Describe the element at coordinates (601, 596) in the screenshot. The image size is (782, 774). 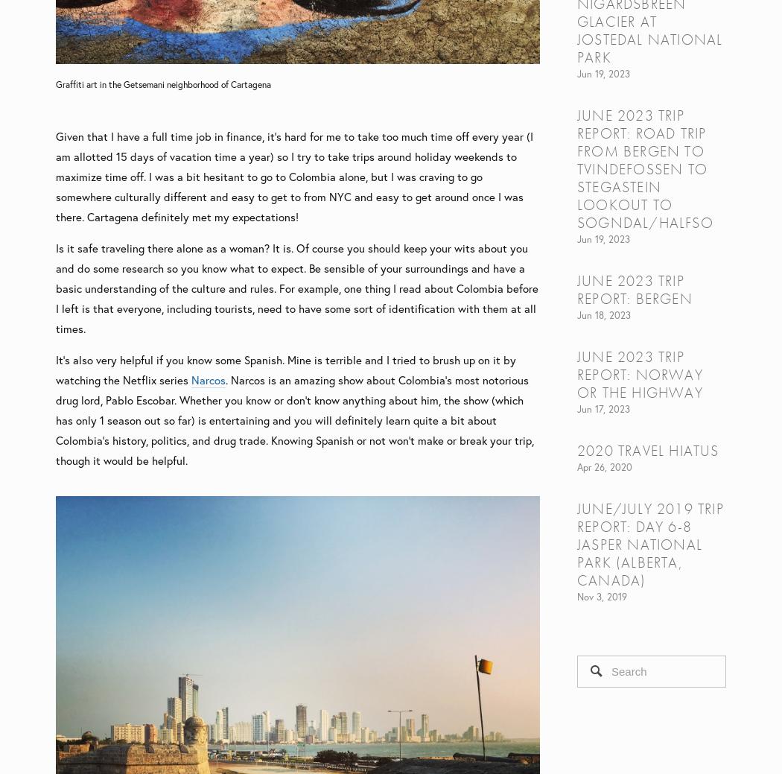
I see `'Nov 3, 2019'` at that location.